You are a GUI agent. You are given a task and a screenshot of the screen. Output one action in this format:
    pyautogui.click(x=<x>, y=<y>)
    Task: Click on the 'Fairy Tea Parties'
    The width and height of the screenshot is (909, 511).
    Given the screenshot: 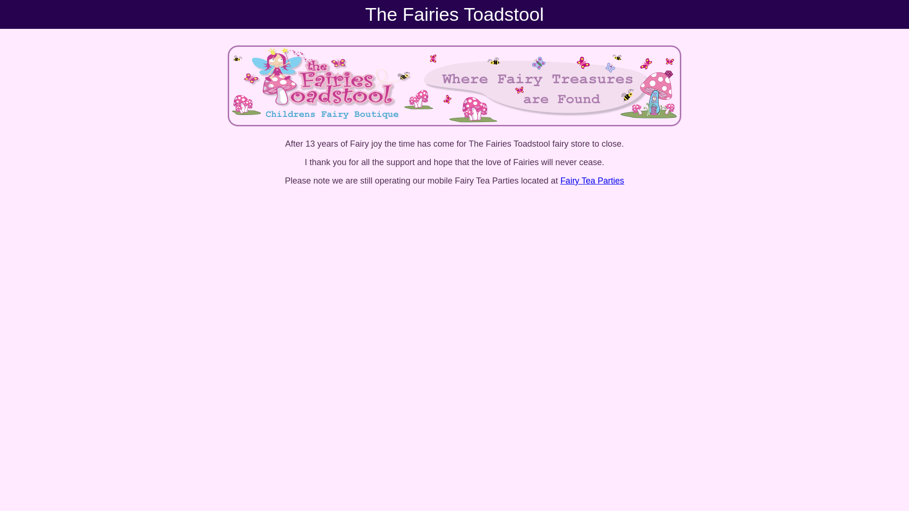 What is the action you would take?
    pyautogui.click(x=561, y=180)
    